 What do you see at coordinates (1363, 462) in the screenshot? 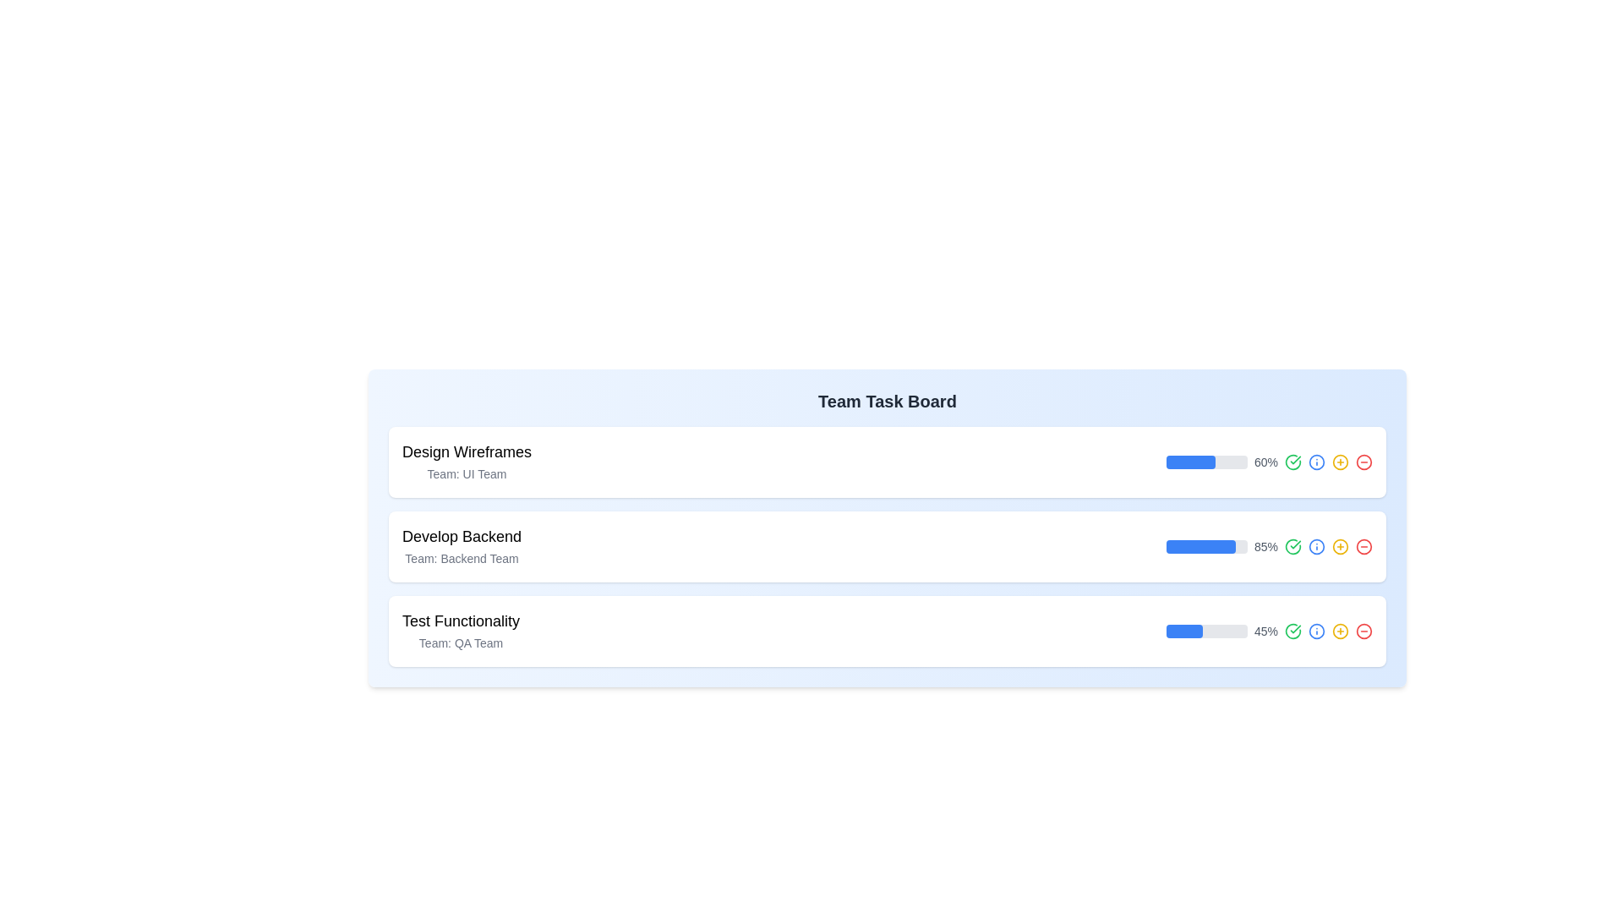
I see `the circular red icon in the SVG graphical component, which is part of the topmost task entry near the progress bar and the '60%' text` at bounding box center [1363, 462].